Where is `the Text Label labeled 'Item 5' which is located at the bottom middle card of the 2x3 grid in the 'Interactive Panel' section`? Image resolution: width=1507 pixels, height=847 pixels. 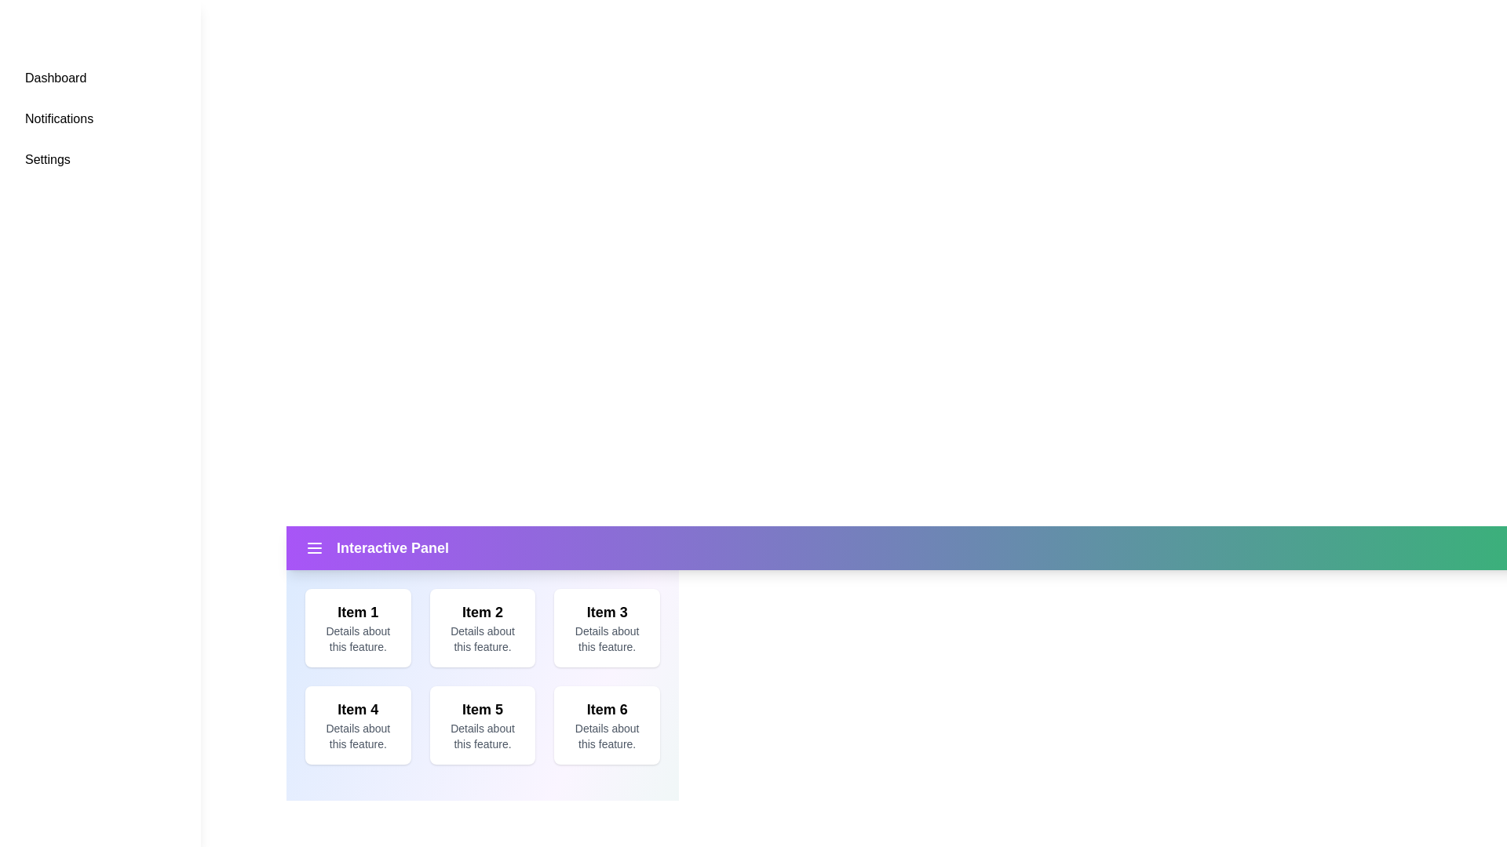
the Text Label labeled 'Item 5' which is located at the bottom middle card of the 2x3 grid in the 'Interactive Panel' section is located at coordinates (481, 710).